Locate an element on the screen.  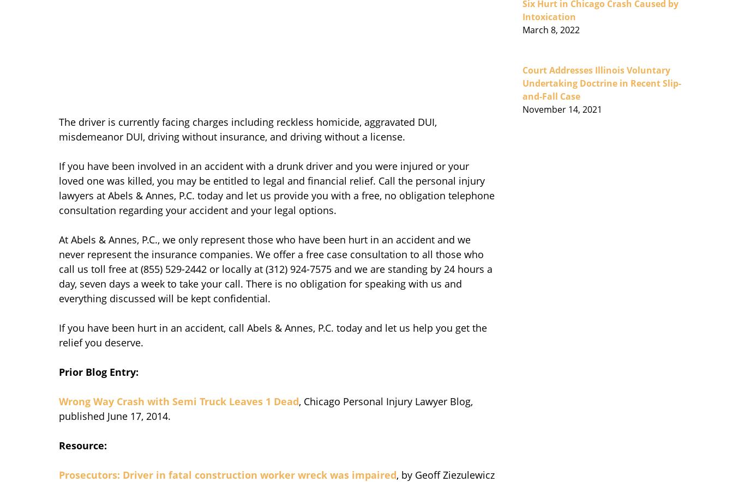
'Wrong Way Crash with Semi Truck Leaves 1 Dead' is located at coordinates (178, 401).